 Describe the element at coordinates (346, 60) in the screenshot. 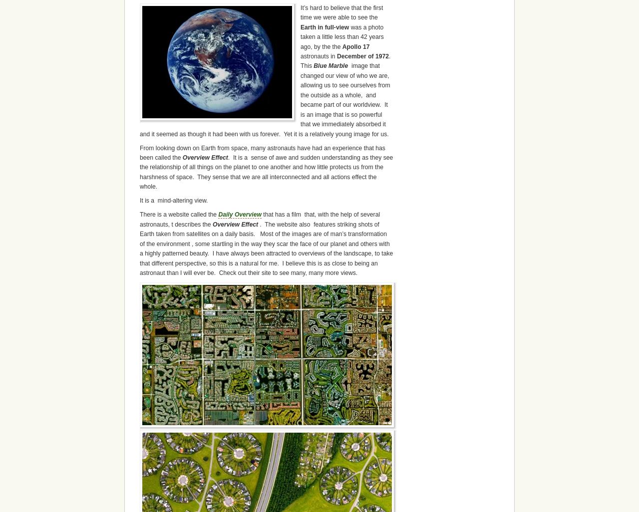

I see `'.  This'` at that location.